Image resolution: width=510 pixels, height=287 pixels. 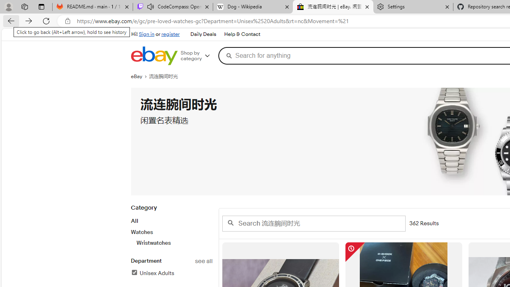 What do you see at coordinates (171, 237) in the screenshot?
I see `'WatchesWristwatches'` at bounding box center [171, 237].